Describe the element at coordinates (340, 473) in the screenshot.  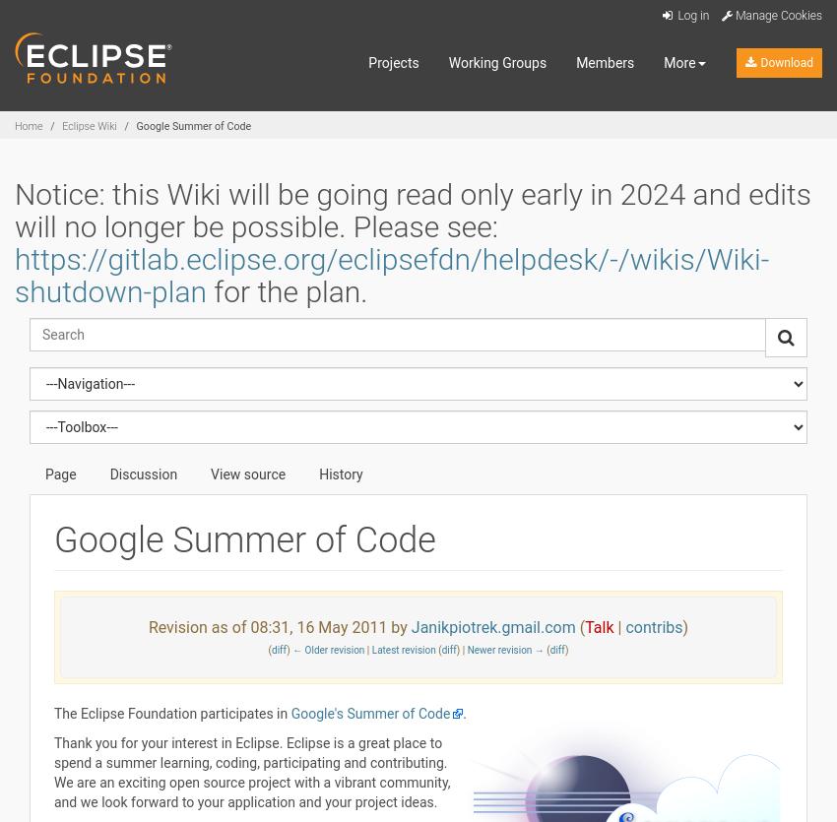
I see `'History'` at that location.